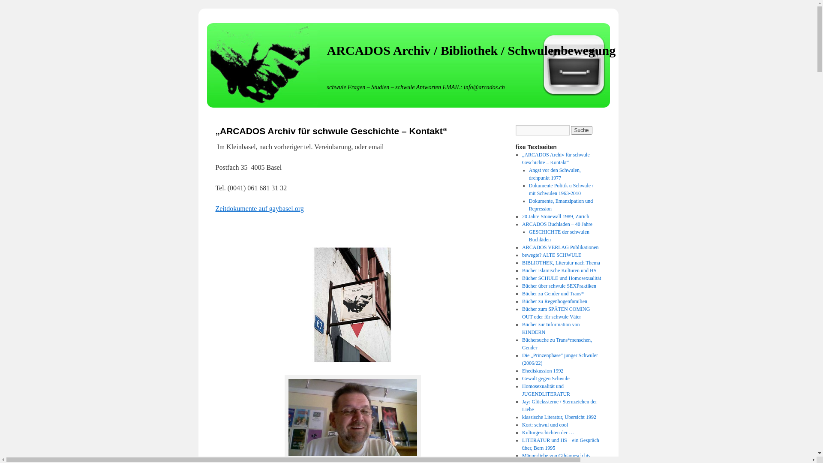 The height and width of the screenshot is (463, 823). What do you see at coordinates (561, 262) in the screenshot?
I see `'BIBLIOTHEK, Literatur nach Thema'` at bounding box center [561, 262].